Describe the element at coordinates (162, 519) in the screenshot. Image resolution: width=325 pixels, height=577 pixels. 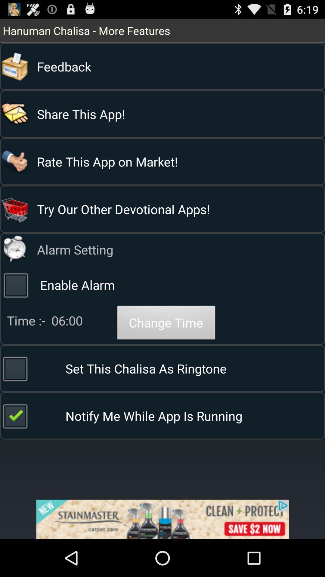
I see `icone` at that location.